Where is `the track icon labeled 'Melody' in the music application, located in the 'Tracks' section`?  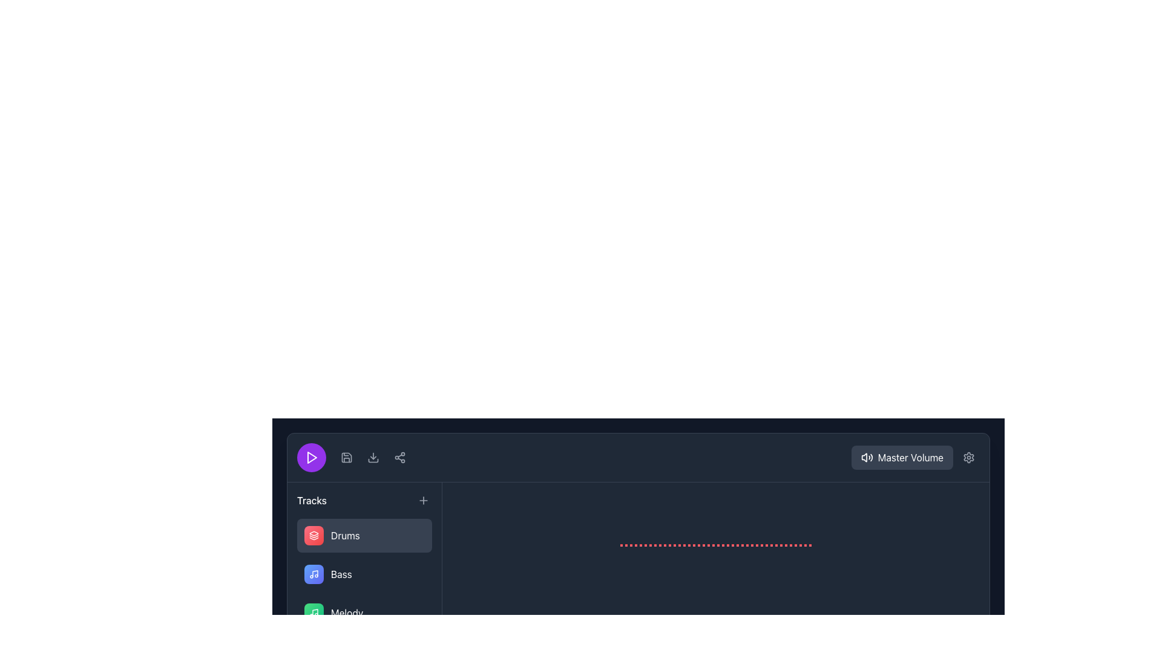 the track icon labeled 'Melody' in the music application, located in the 'Tracks' section is located at coordinates (313, 613).